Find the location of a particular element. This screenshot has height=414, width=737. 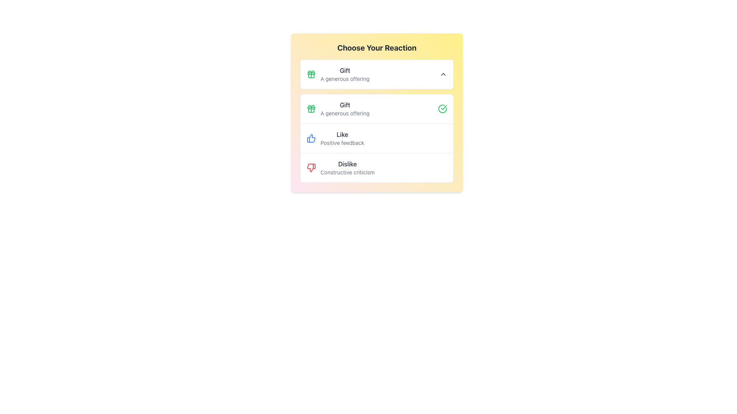

to select the 'Dislike' reaction, which is the third option in the vertically stacked list of reaction choices, located beneath the 'Like Positive feedback' option is located at coordinates (377, 167).